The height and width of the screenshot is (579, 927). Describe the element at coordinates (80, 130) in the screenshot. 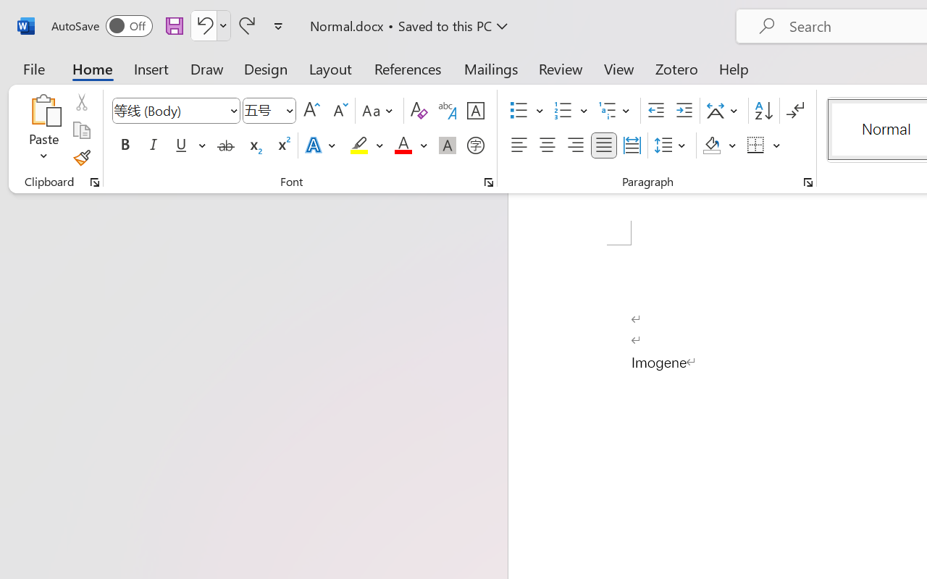

I see `'Copy'` at that location.